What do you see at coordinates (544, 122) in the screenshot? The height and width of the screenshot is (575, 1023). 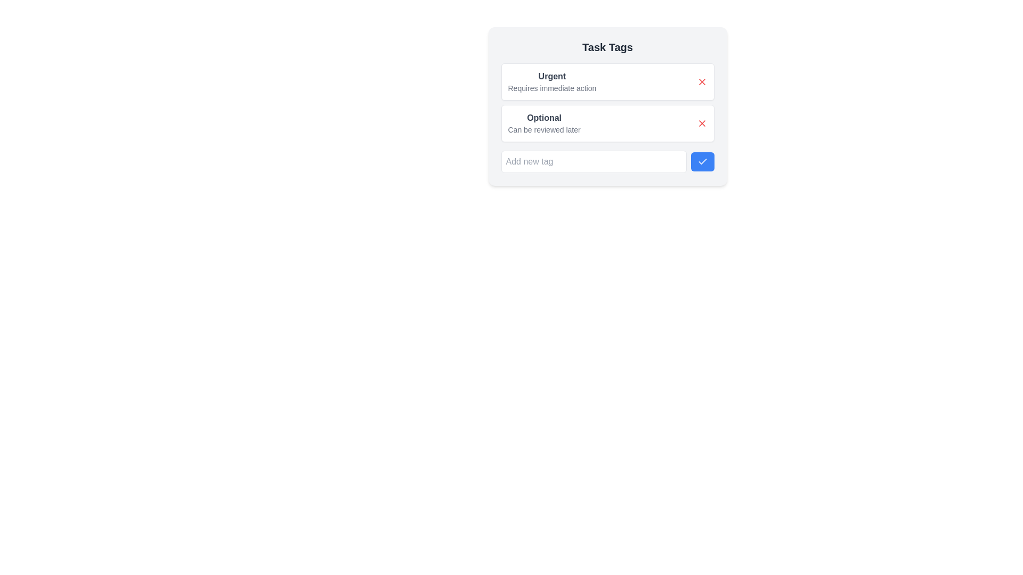 I see `the Text Display element containing the heading 'Optional' and the subtitle 'Can be reviewed later', which is positioned below the 'Urgent' item and above the 'Add new tag' field` at bounding box center [544, 122].